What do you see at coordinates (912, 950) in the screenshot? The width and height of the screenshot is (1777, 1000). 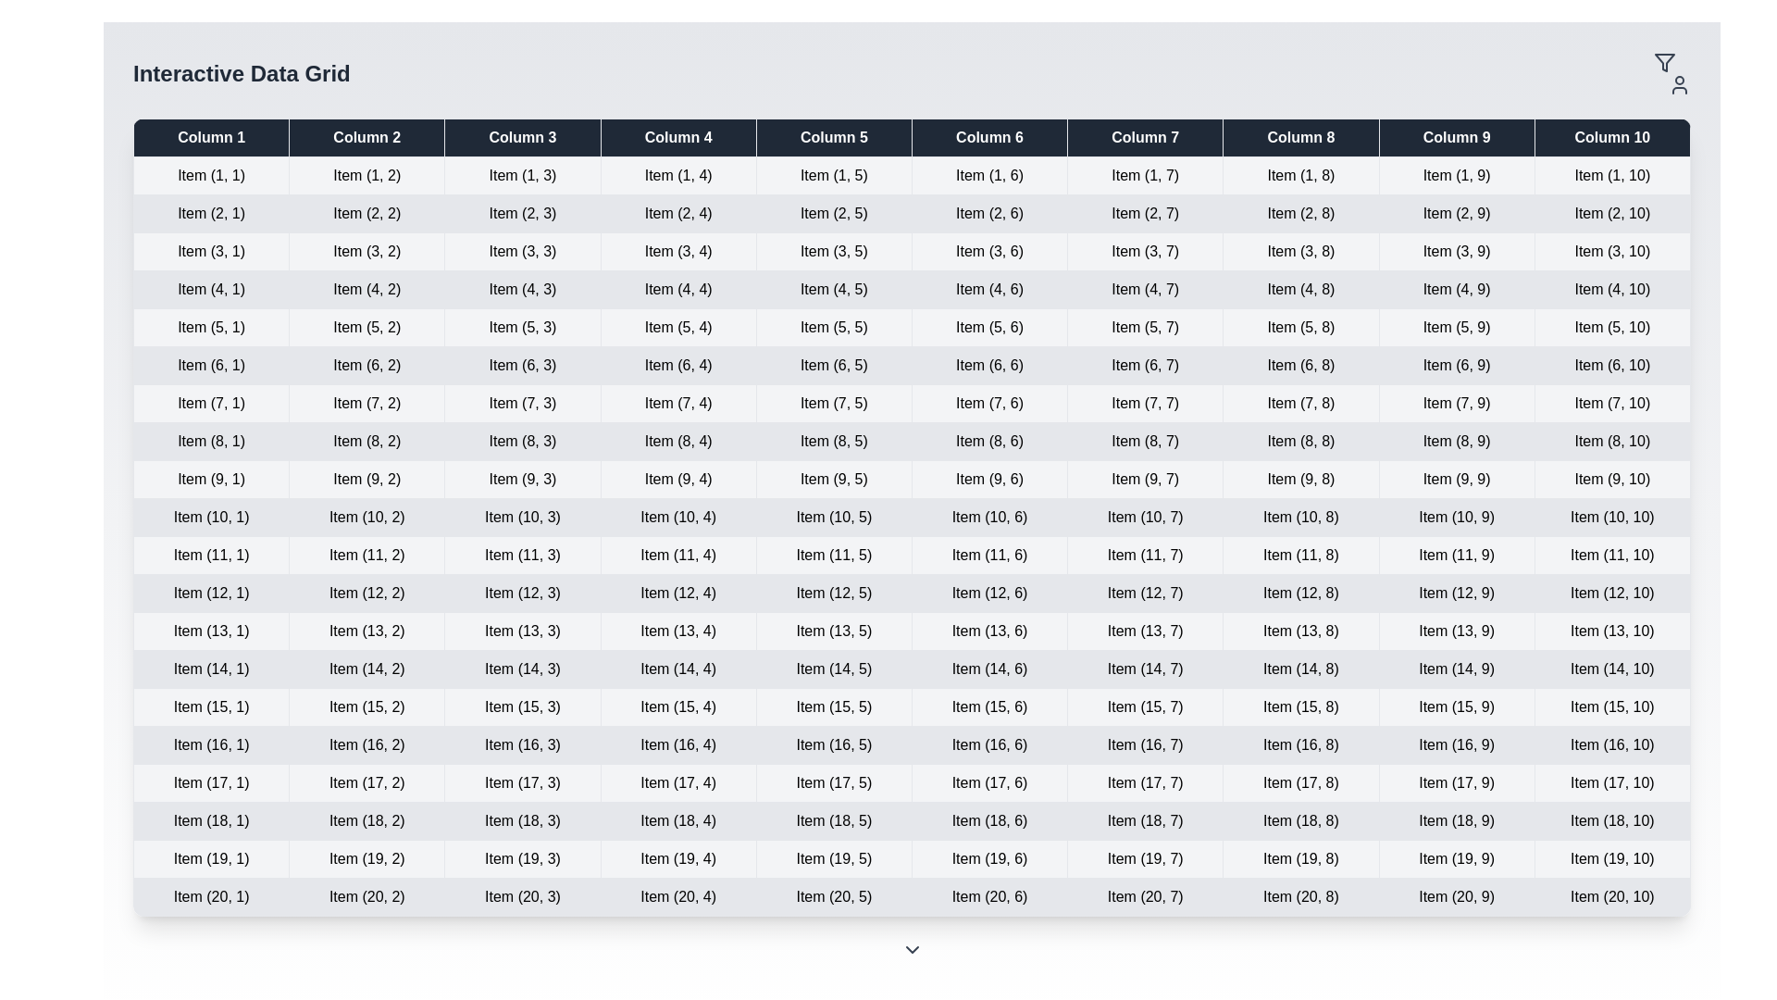 I see `the ChevronDown icon in the footer of the DataGridWithControls component` at bounding box center [912, 950].